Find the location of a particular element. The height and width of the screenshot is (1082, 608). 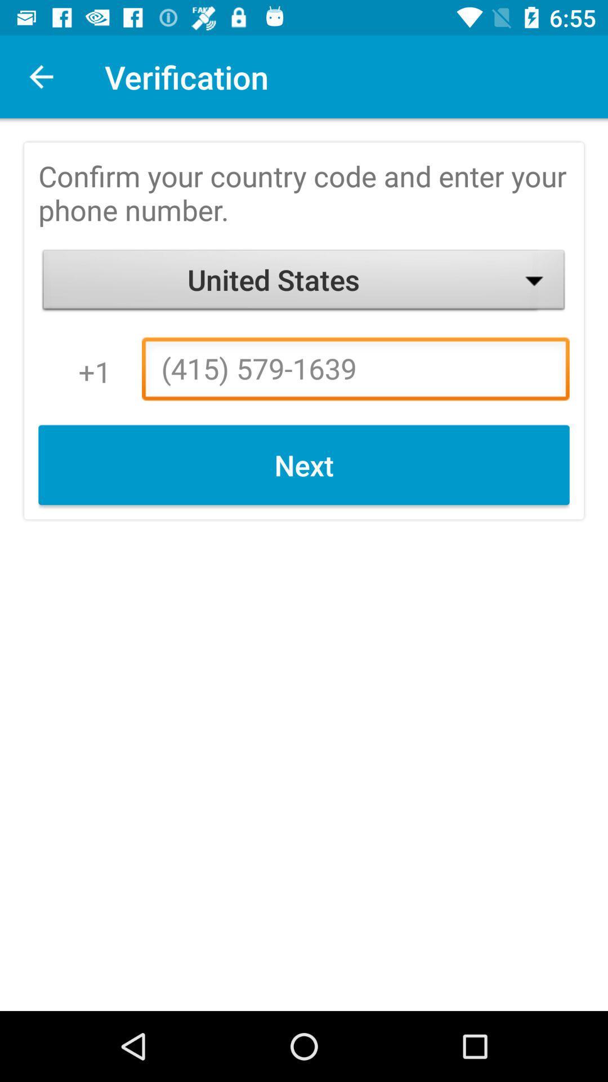

united states icon is located at coordinates (304, 282).